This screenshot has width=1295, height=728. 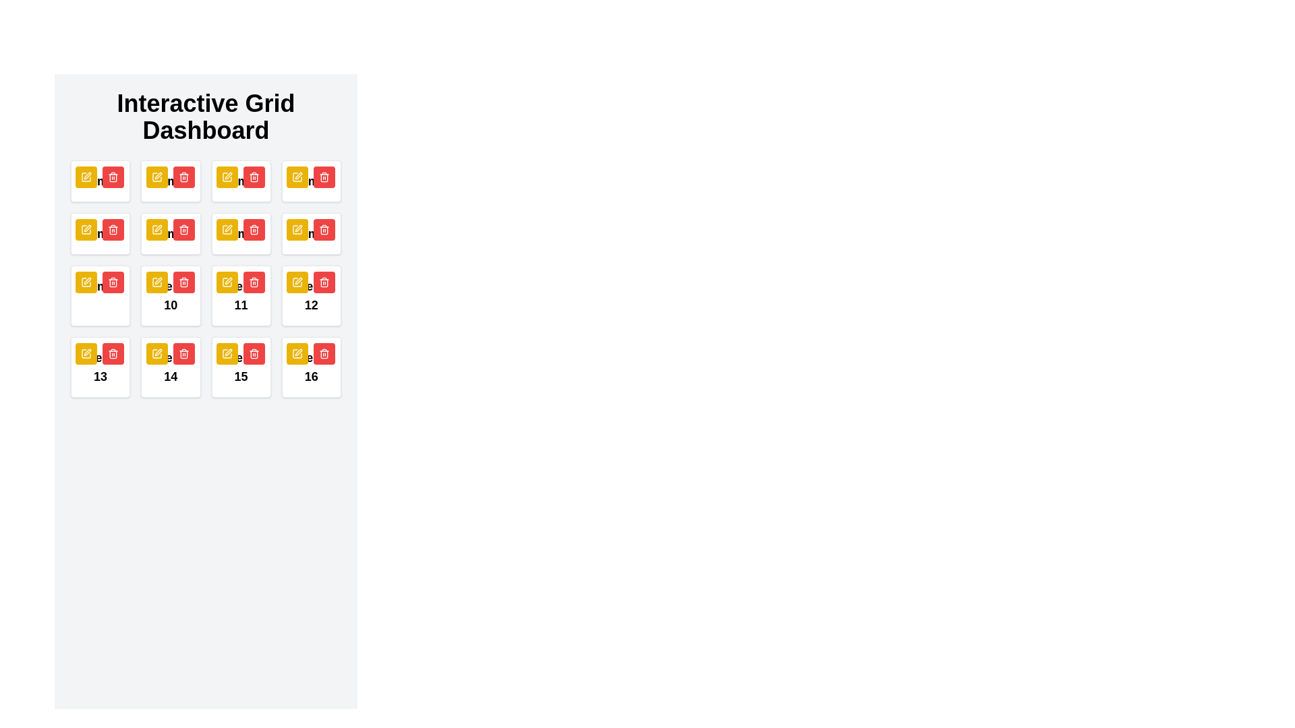 What do you see at coordinates (183, 230) in the screenshot?
I see `the trash icon, which is the rightmost button in the group of three buttons at the top-right corner of the 'Interactive Grid Dashboard'` at bounding box center [183, 230].